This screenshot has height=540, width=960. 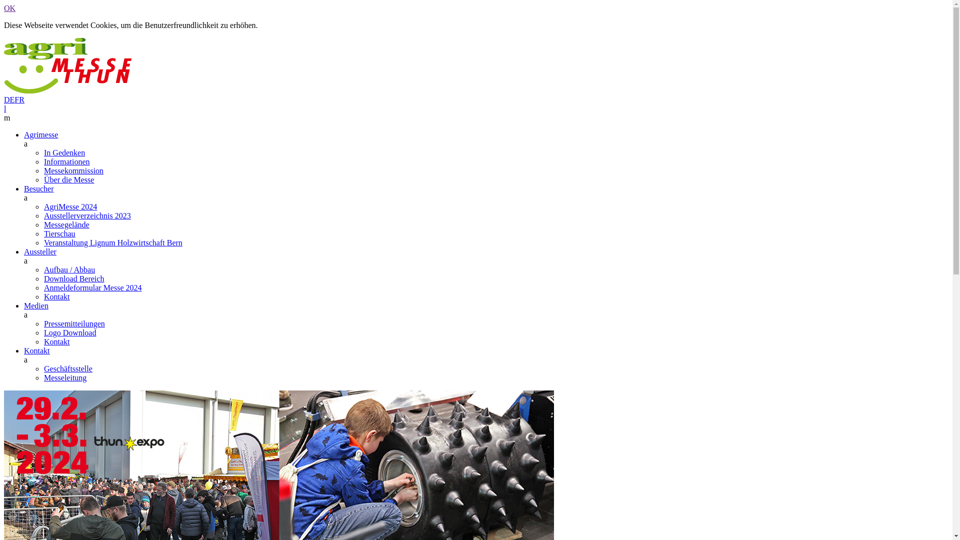 What do you see at coordinates (36, 350) in the screenshot?
I see `'Kontakt'` at bounding box center [36, 350].